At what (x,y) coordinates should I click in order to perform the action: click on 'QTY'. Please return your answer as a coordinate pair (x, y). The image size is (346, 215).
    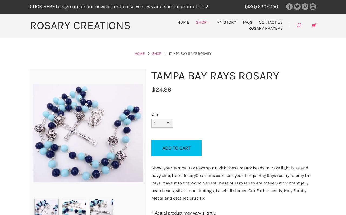
    Looking at the image, I should click on (155, 113).